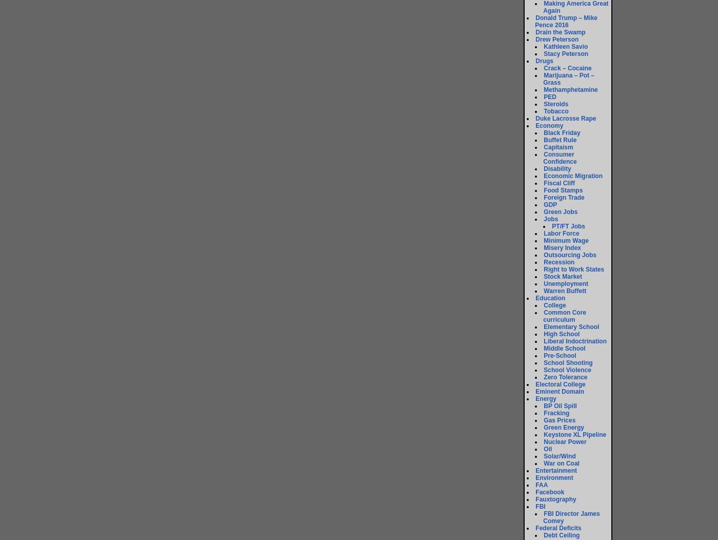  What do you see at coordinates (543, 284) in the screenshot?
I see `'Unemployment'` at bounding box center [543, 284].